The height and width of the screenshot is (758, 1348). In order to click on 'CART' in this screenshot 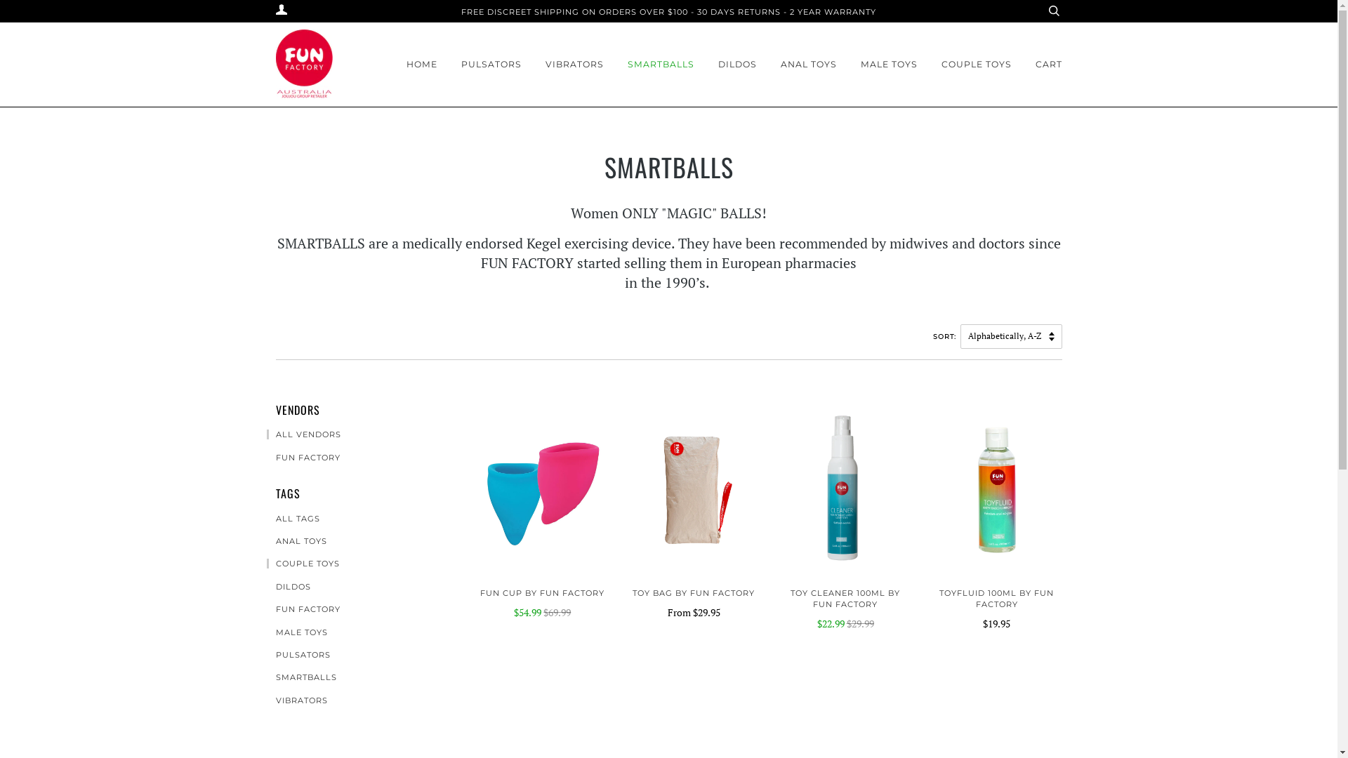, I will do `click(1048, 65)`.